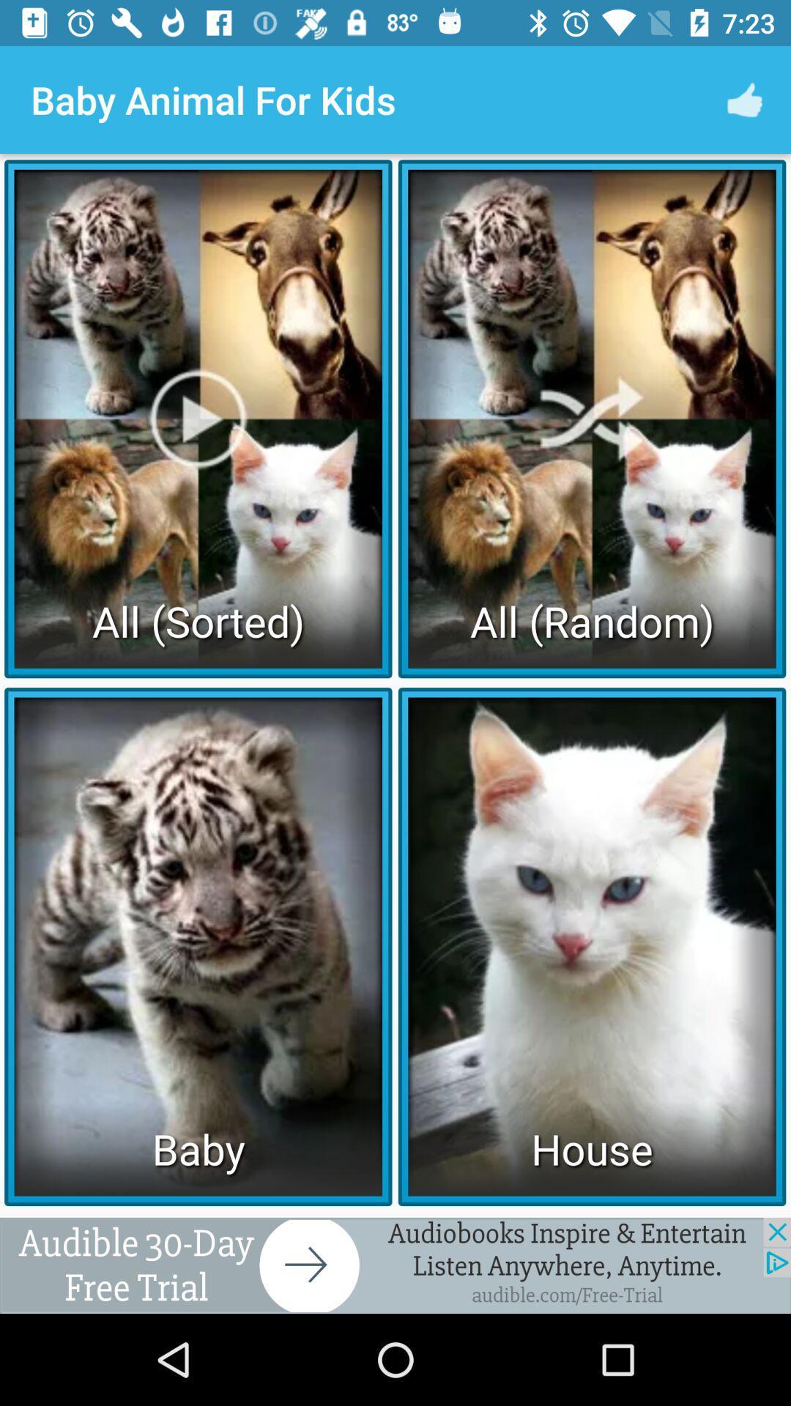  I want to click on advertisement, so click(395, 1265).